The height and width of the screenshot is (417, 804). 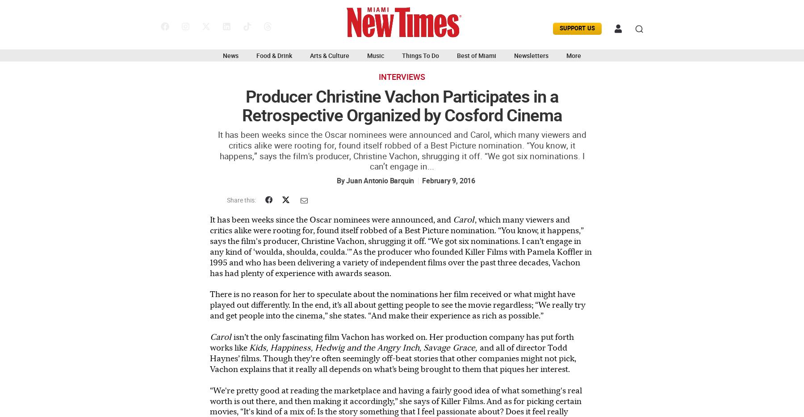 What do you see at coordinates (392, 341) in the screenshot?
I see `'isn’t the only fascinating film Vachon has worked on. Her production company has put forth works like'` at bounding box center [392, 341].